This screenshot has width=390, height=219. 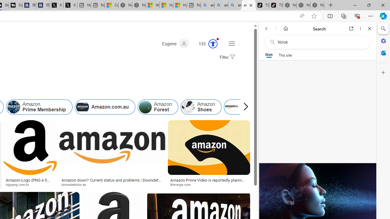 What do you see at coordinates (145, 107) in the screenshot?
I see `'Amazon Forest'` at bounding box center [145, 107].